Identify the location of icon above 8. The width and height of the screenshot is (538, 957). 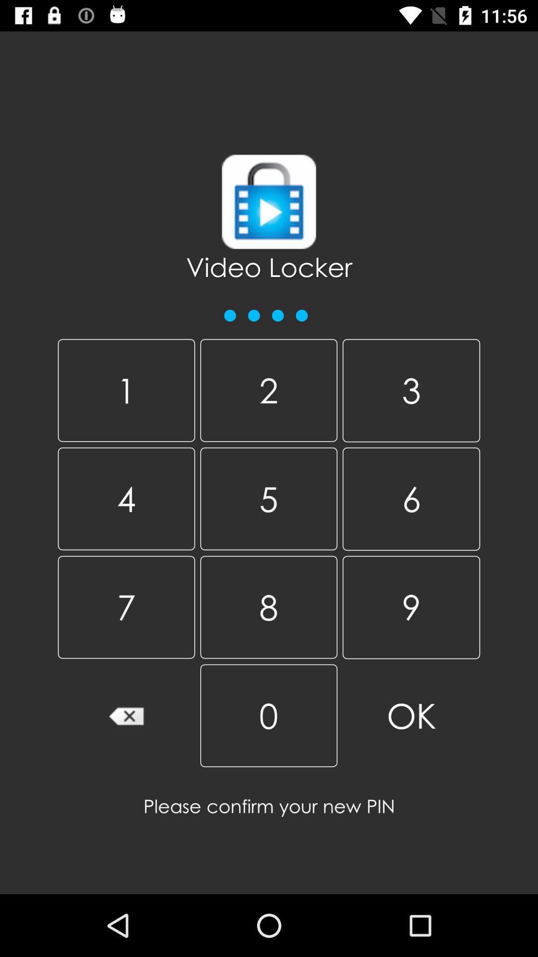
(411, 499).